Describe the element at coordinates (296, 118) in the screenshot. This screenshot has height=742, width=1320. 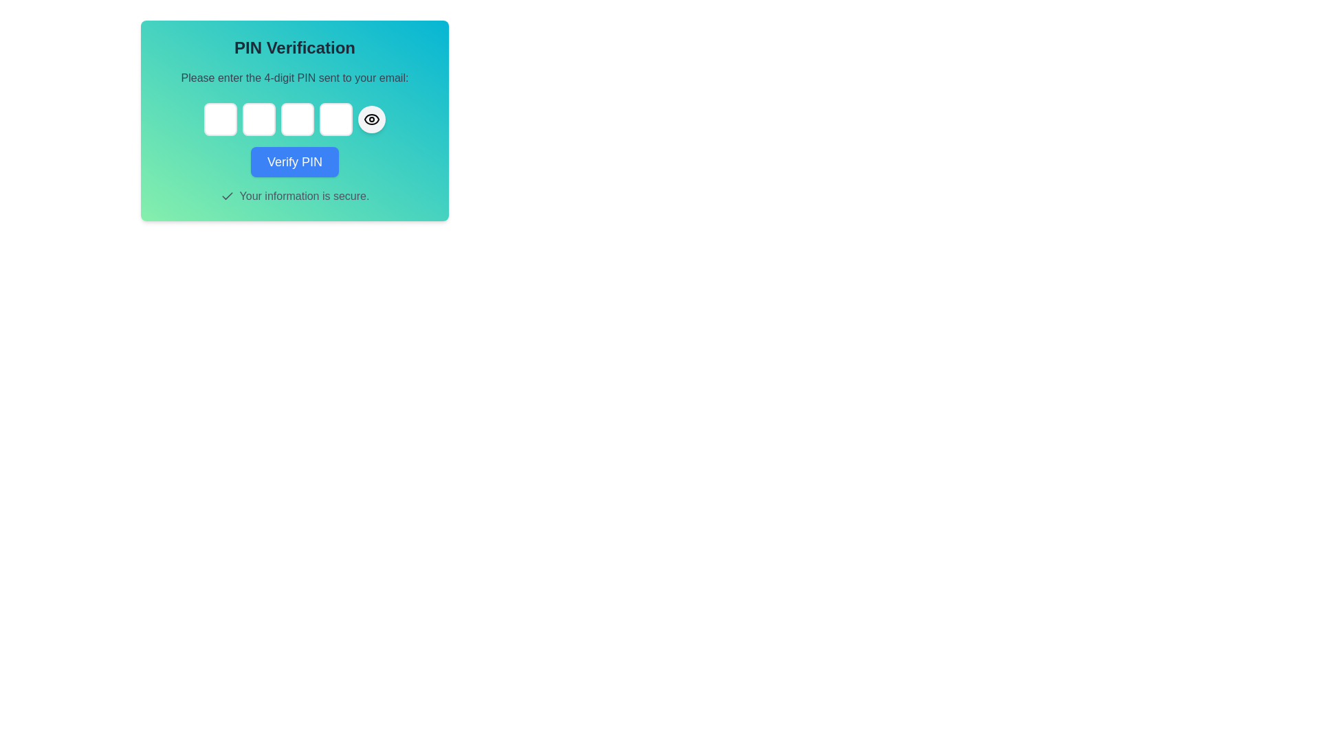
I see `the third password input field with a square shape and white background located at the center of the PIN entry interface` at that location.